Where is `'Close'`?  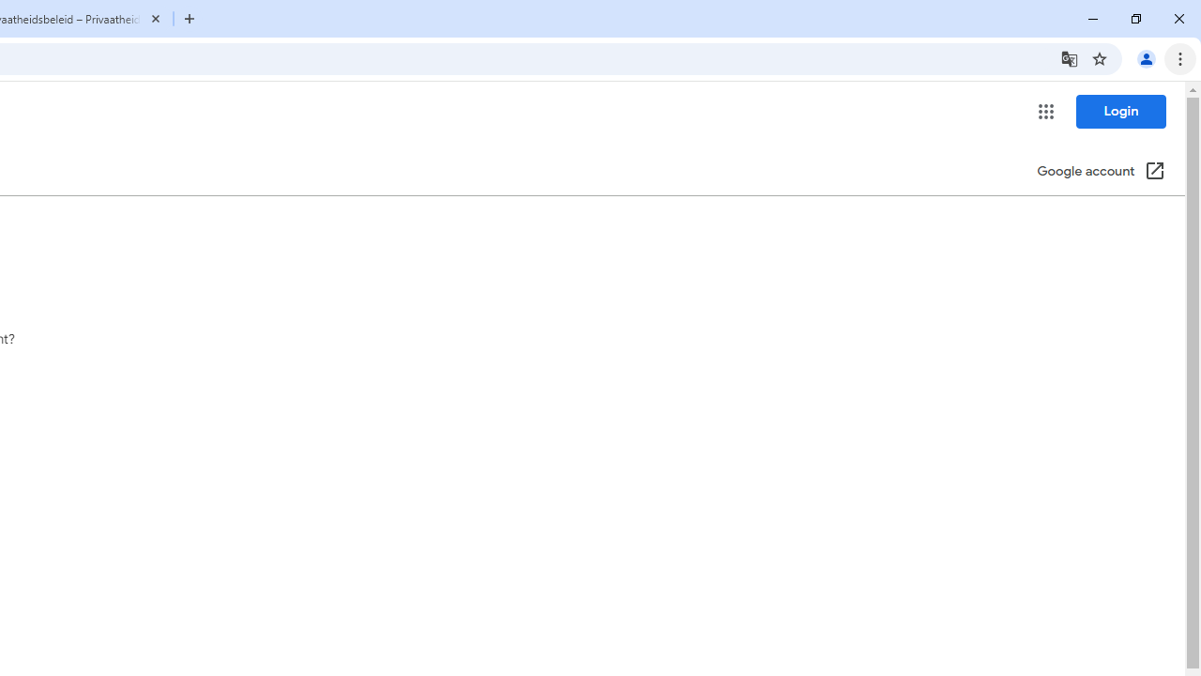 'Close' is located at coordinates (156, 18).